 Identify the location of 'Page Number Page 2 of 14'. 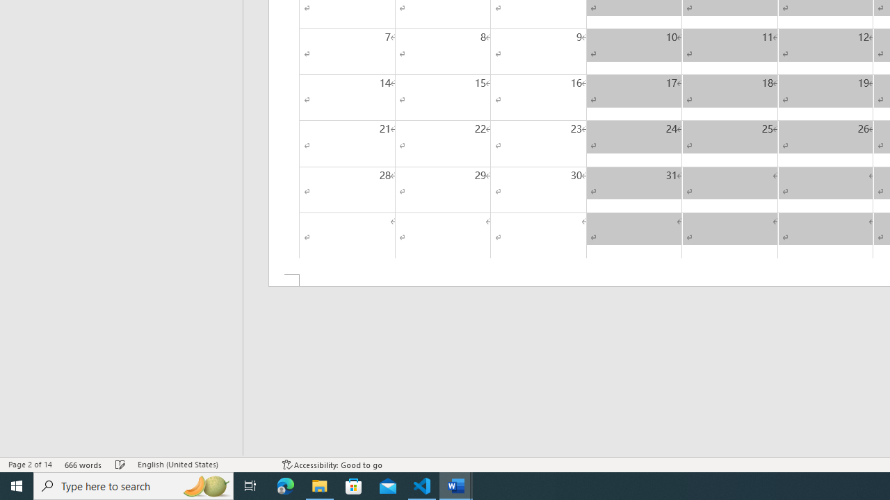
(30, 465).